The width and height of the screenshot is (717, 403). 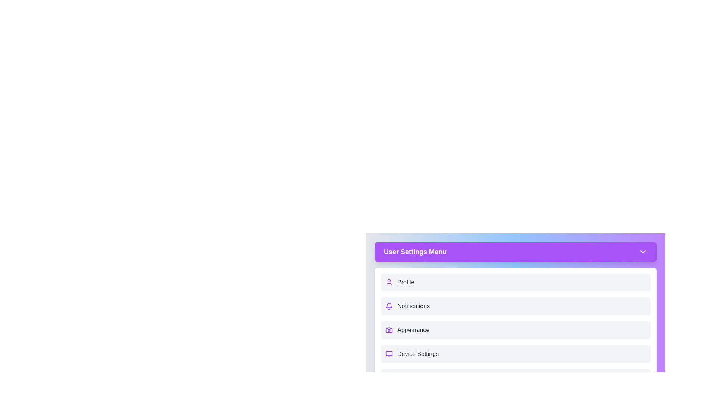 I want to click on the header of the User Settings Menu to toggle its visibility, so click(x=515, y=252).